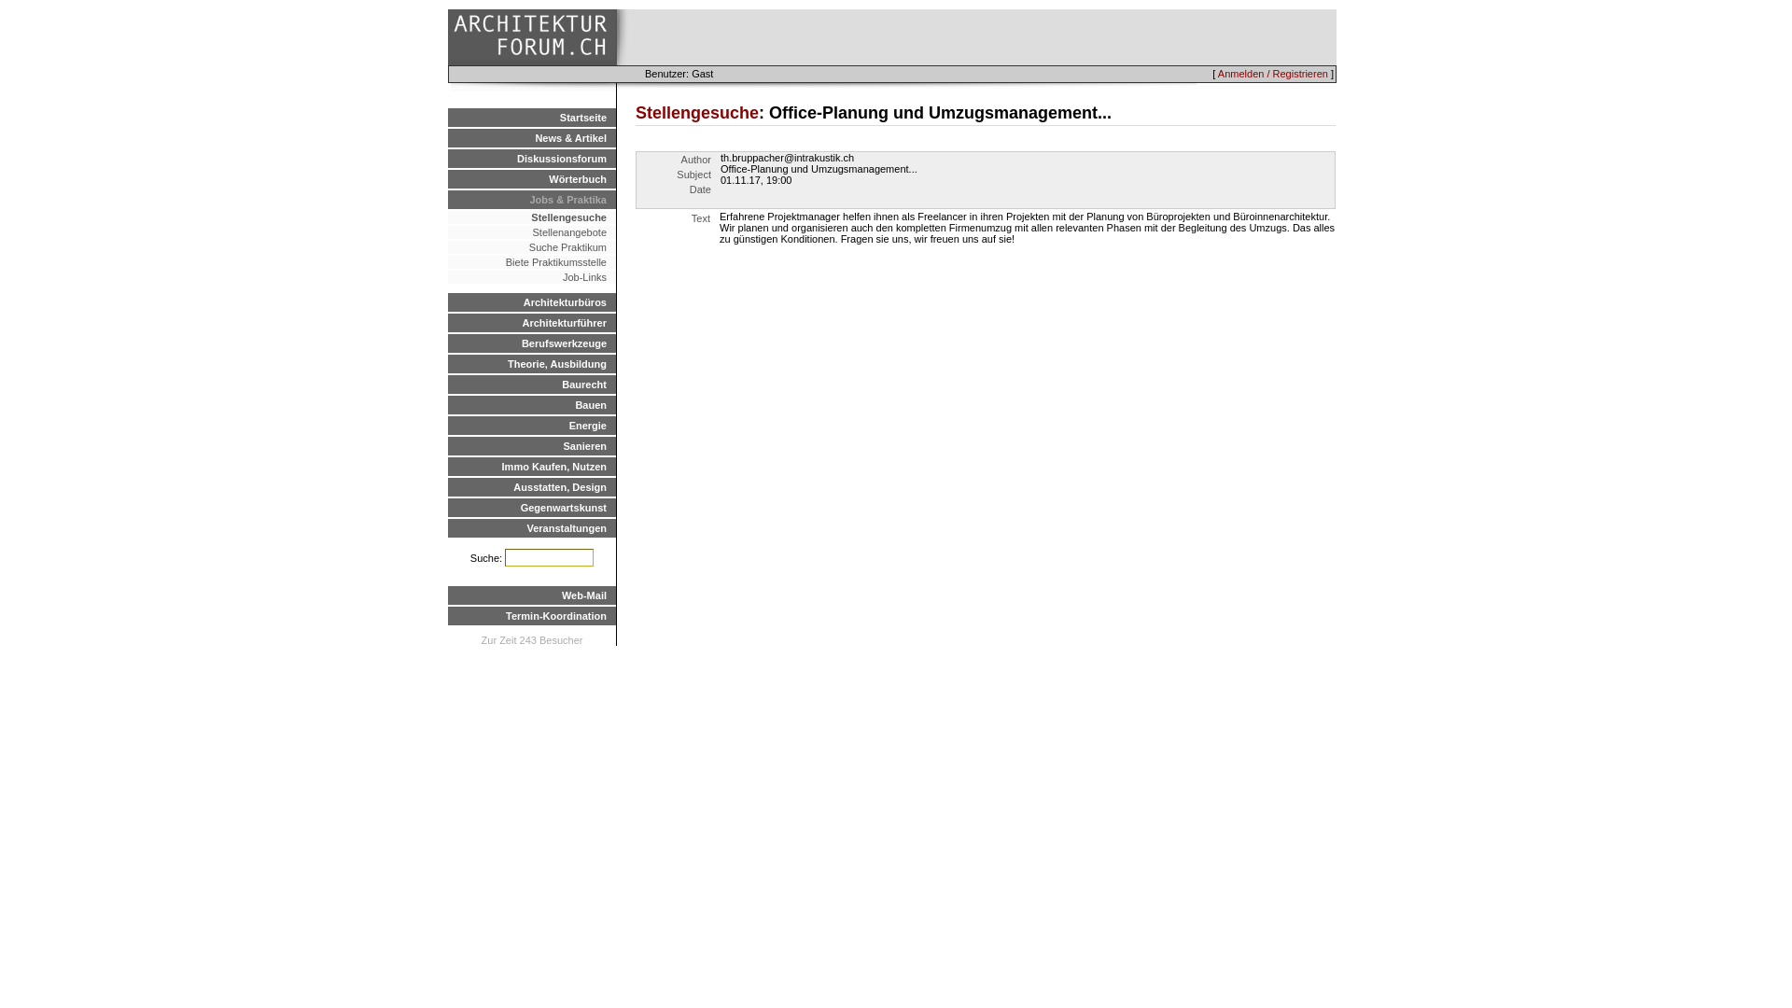  Describe the element at coordinates (531, 425) in the screenshot. I see `'Energie'` at that location.